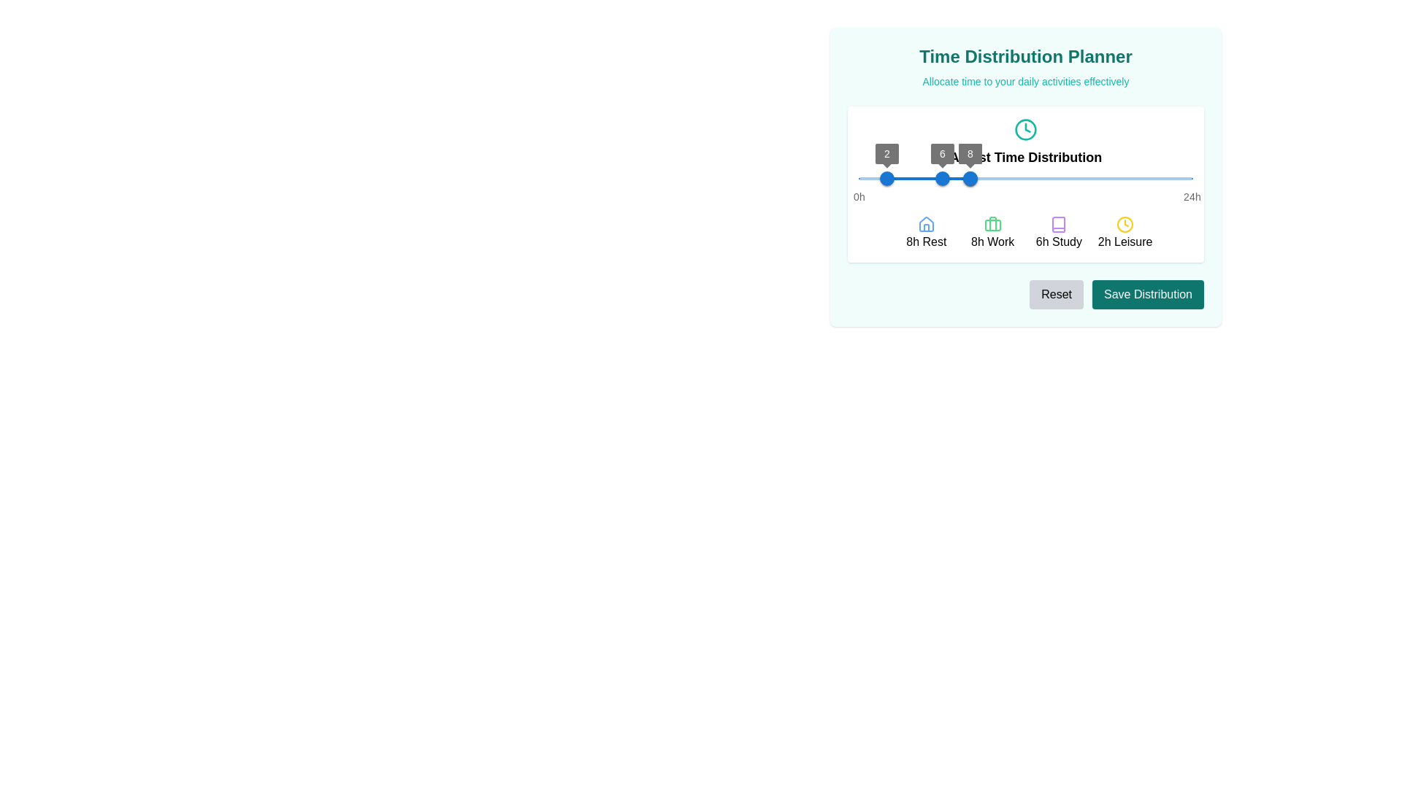 This screenshot has height=788, width=1402. What do you see at coordinates (1059, 233) in the screenshot?
I see `the Label displaying '6h Study' in the Time Distribution Planner panel, which is the third item in a horizontal grid layout` at bounding box center [1059, 233].